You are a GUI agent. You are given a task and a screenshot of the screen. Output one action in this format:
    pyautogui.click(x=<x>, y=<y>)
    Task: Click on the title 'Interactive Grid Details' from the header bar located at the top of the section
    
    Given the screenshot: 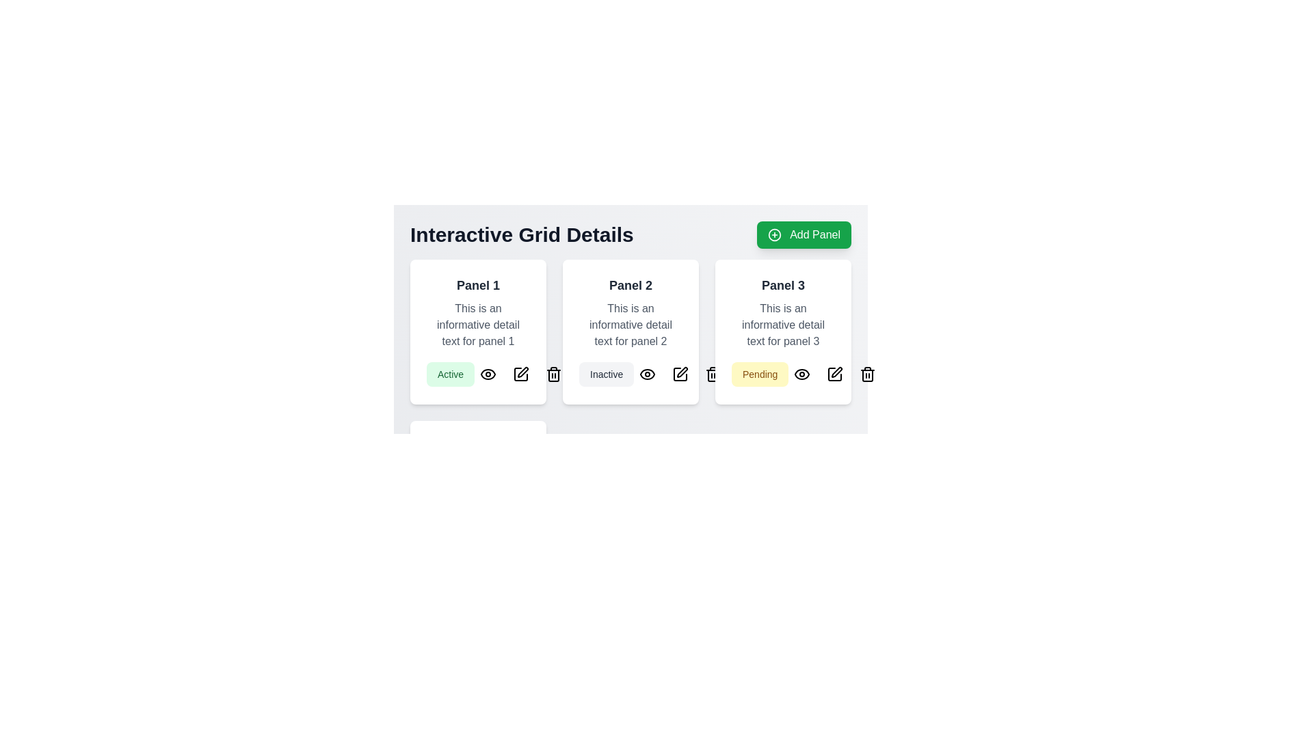 What is the action you would take?
    pyautogui.click(x=630, y=234)
    